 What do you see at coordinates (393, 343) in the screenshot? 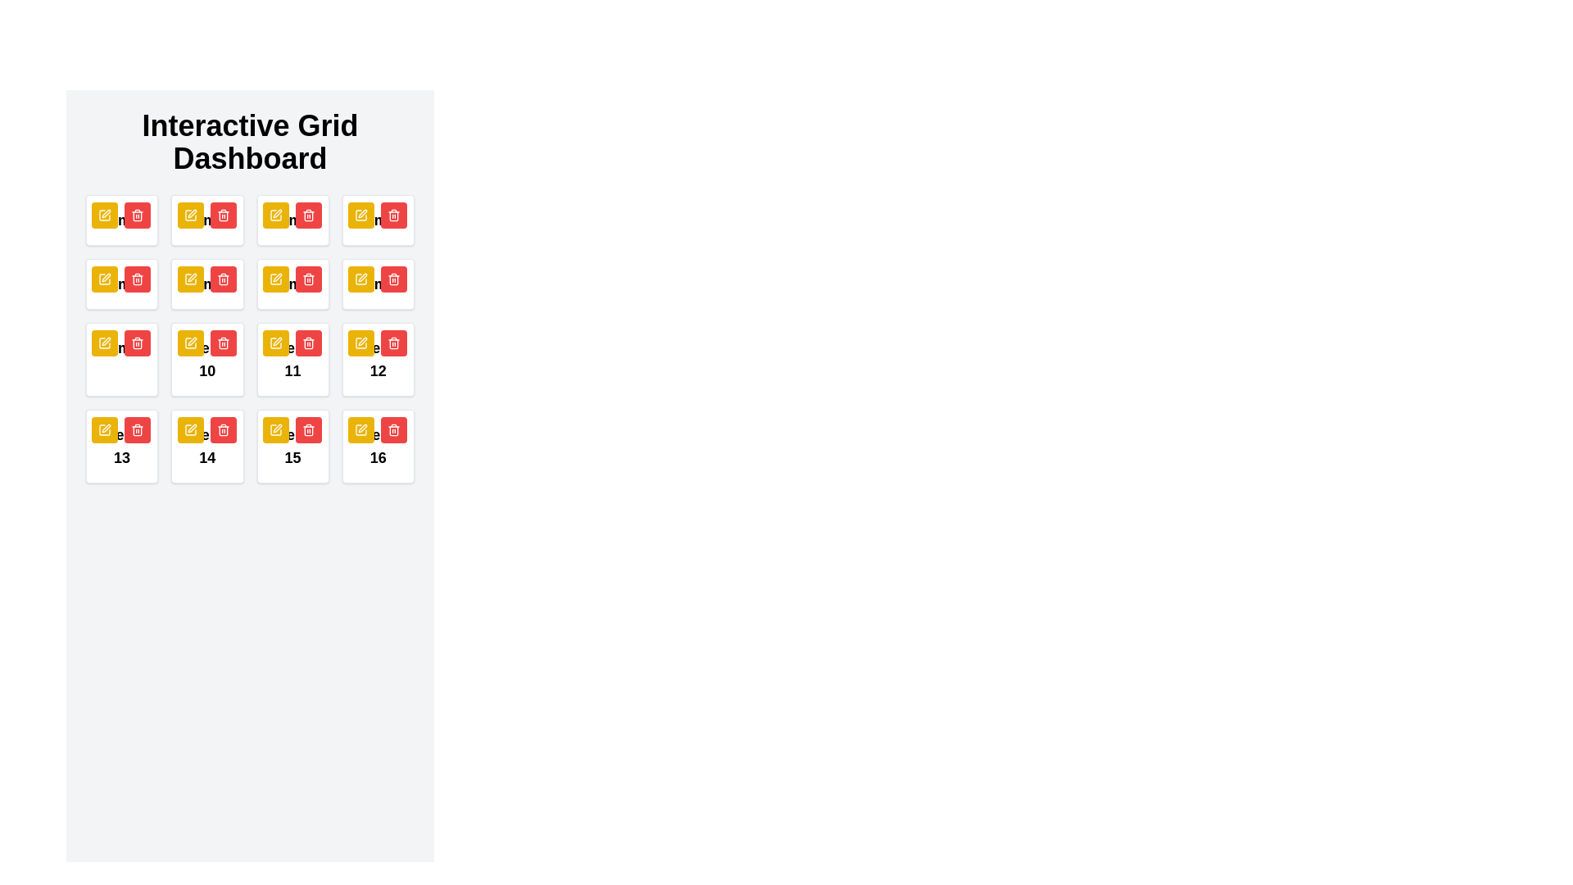
I see `the red trash icon located on the right side of the fourth row in the 'Interactive Grid Dashboard'` at bounding box center [393, 343].